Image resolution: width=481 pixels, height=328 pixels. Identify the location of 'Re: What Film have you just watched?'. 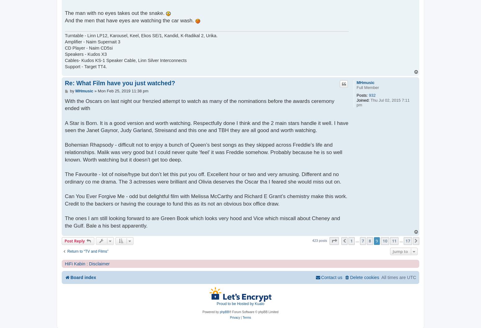
(119, 82).